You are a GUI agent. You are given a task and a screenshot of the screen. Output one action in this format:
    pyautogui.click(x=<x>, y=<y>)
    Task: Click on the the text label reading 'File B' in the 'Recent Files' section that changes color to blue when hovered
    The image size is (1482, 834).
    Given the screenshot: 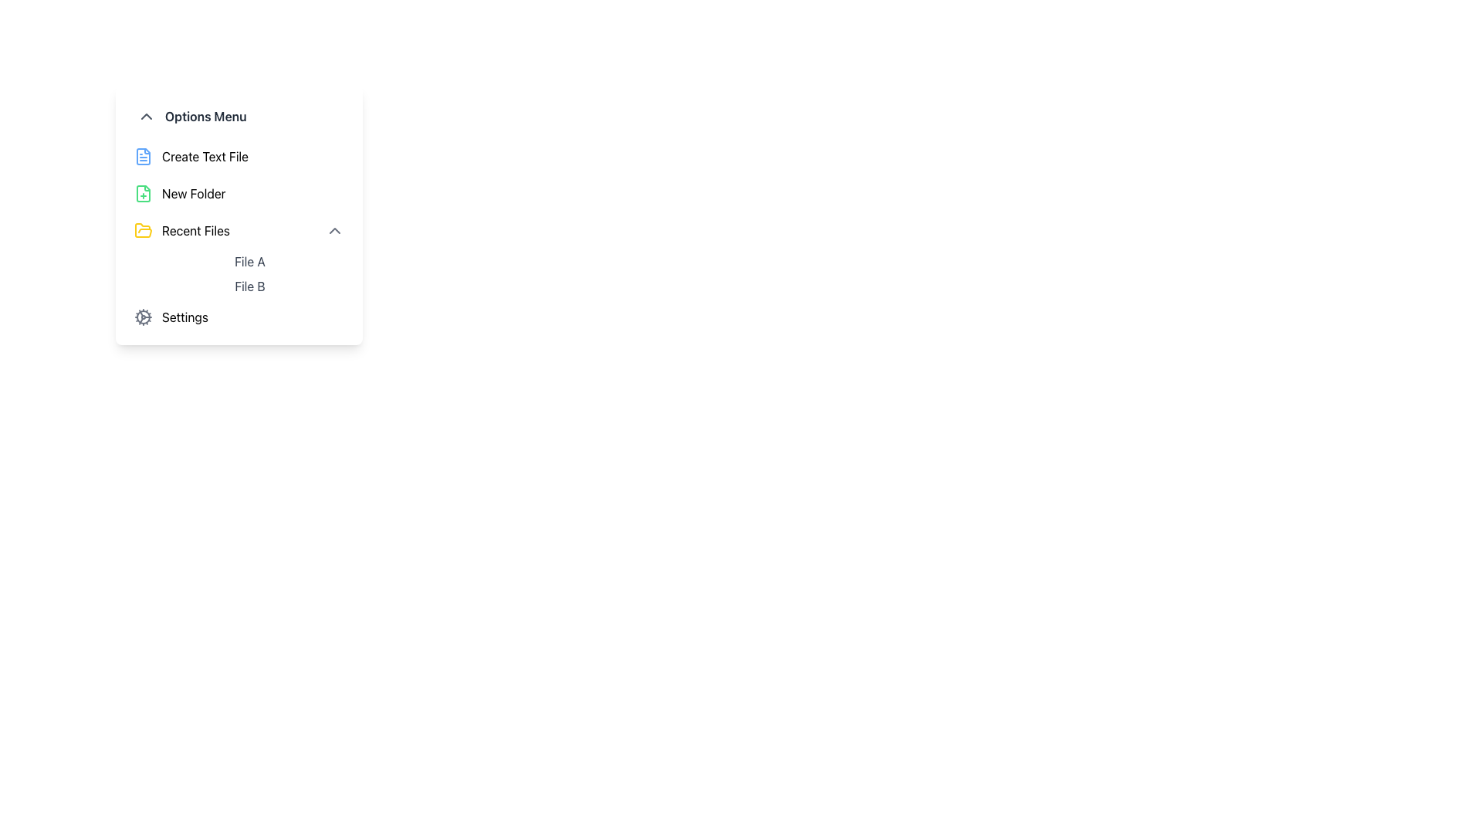 What is the action you would take?
    pyautogui.click(x=250, y=286)
    